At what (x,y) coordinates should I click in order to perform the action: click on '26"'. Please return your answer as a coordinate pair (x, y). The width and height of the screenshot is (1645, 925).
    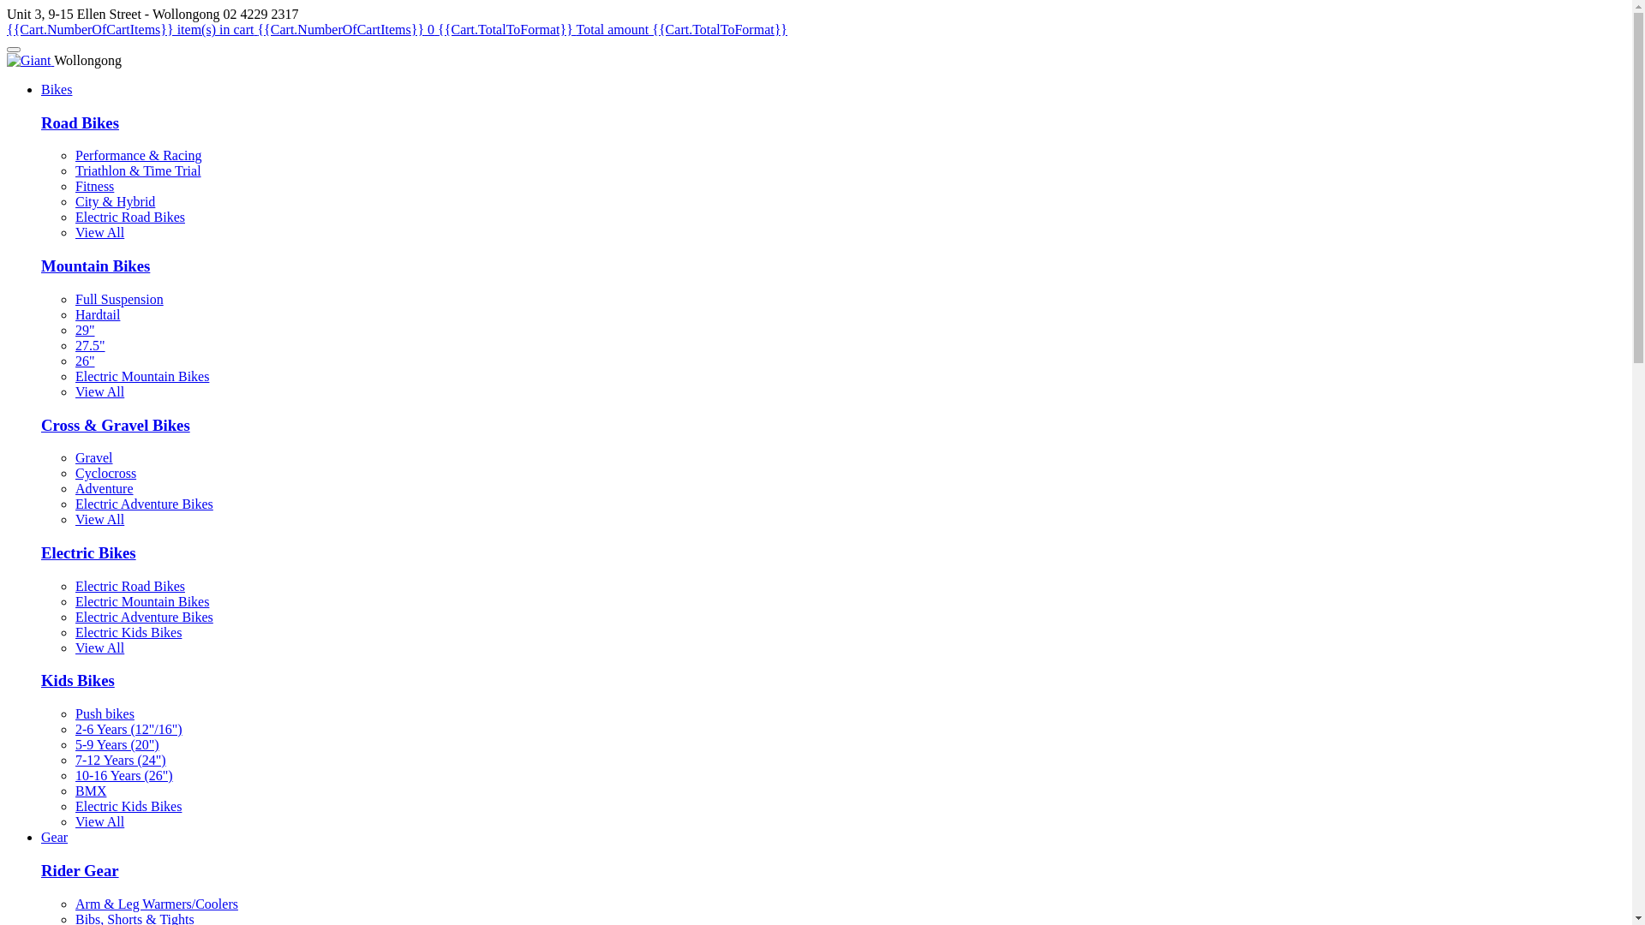
    Looking at the image, I should click on (84, 360).